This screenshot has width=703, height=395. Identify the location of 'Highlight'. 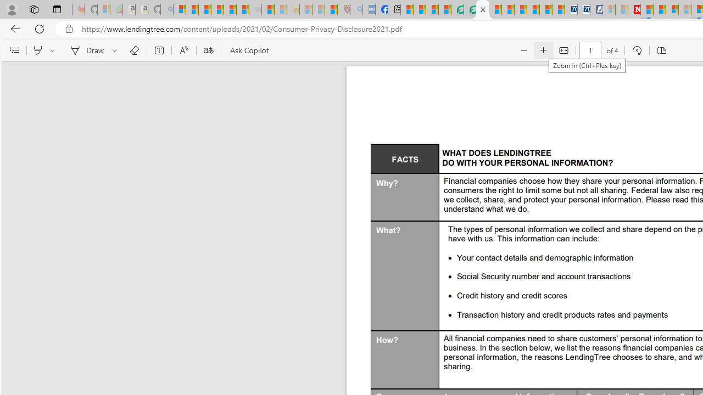
(37, 50).